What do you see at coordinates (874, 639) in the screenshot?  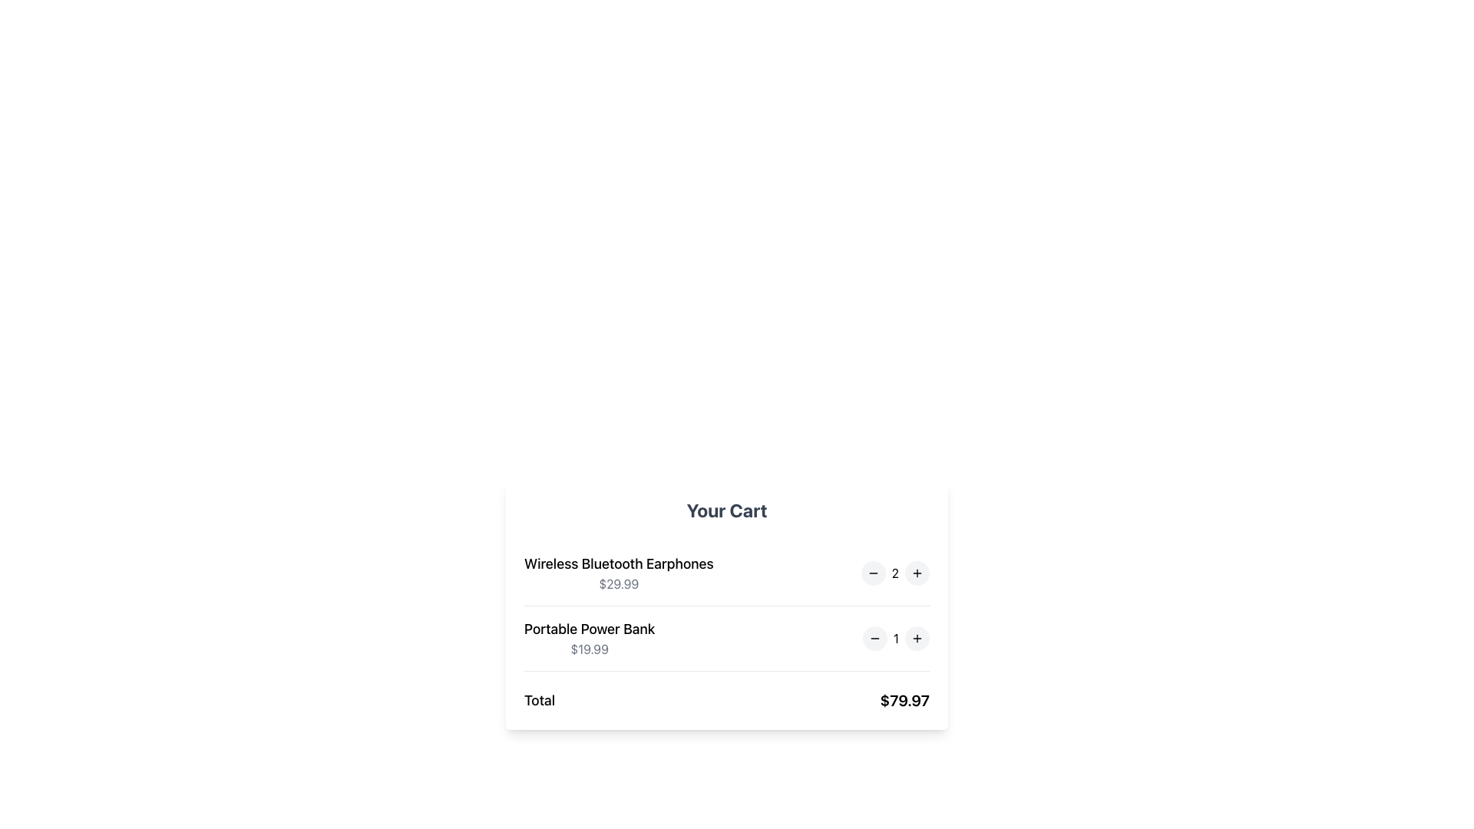 I see `the circular button with a light gray background and a black horizontal line icon to decrease the item count in the cart` at bounding box center [874, 639].